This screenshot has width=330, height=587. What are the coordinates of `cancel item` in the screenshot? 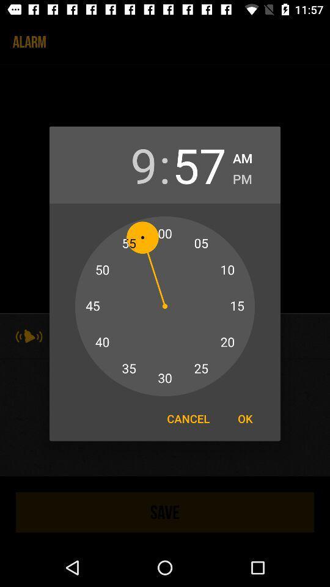 It's located at (188, 418).